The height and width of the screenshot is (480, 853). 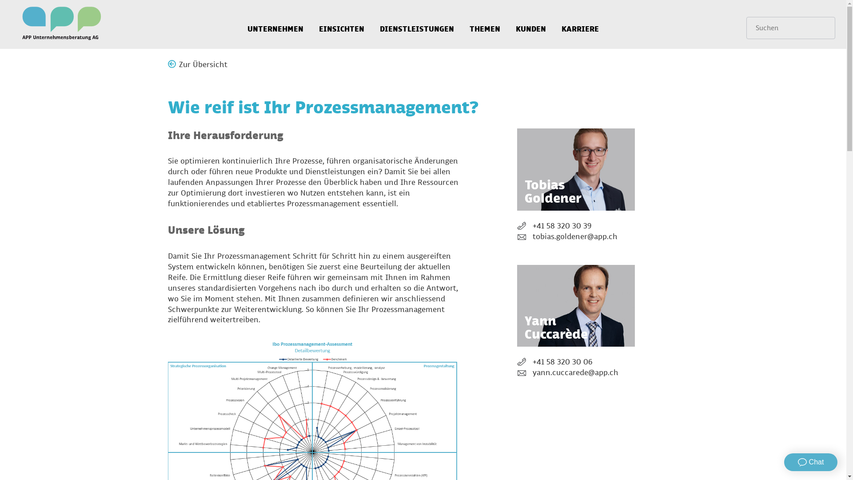 I want to click on 'THEMEN', so click(x=484, y=24).